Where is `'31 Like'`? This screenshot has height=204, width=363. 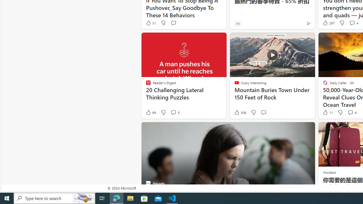 '31 Like' is located at coordinates (151, 23).